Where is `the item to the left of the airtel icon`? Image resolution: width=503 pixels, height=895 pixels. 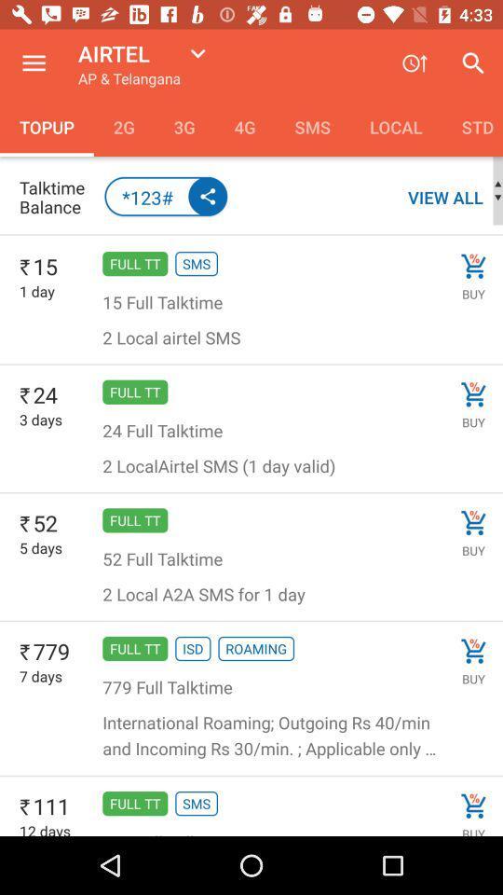
the item to the left of the airtel icon is located at coordinates (34, 63).